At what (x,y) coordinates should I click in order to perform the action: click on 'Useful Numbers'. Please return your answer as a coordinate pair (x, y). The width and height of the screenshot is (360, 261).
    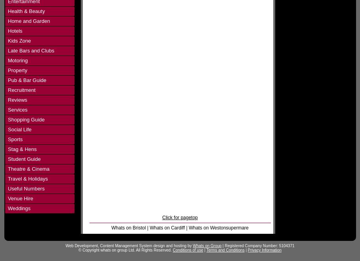
    Looking at the image, I should click on (26, 188).